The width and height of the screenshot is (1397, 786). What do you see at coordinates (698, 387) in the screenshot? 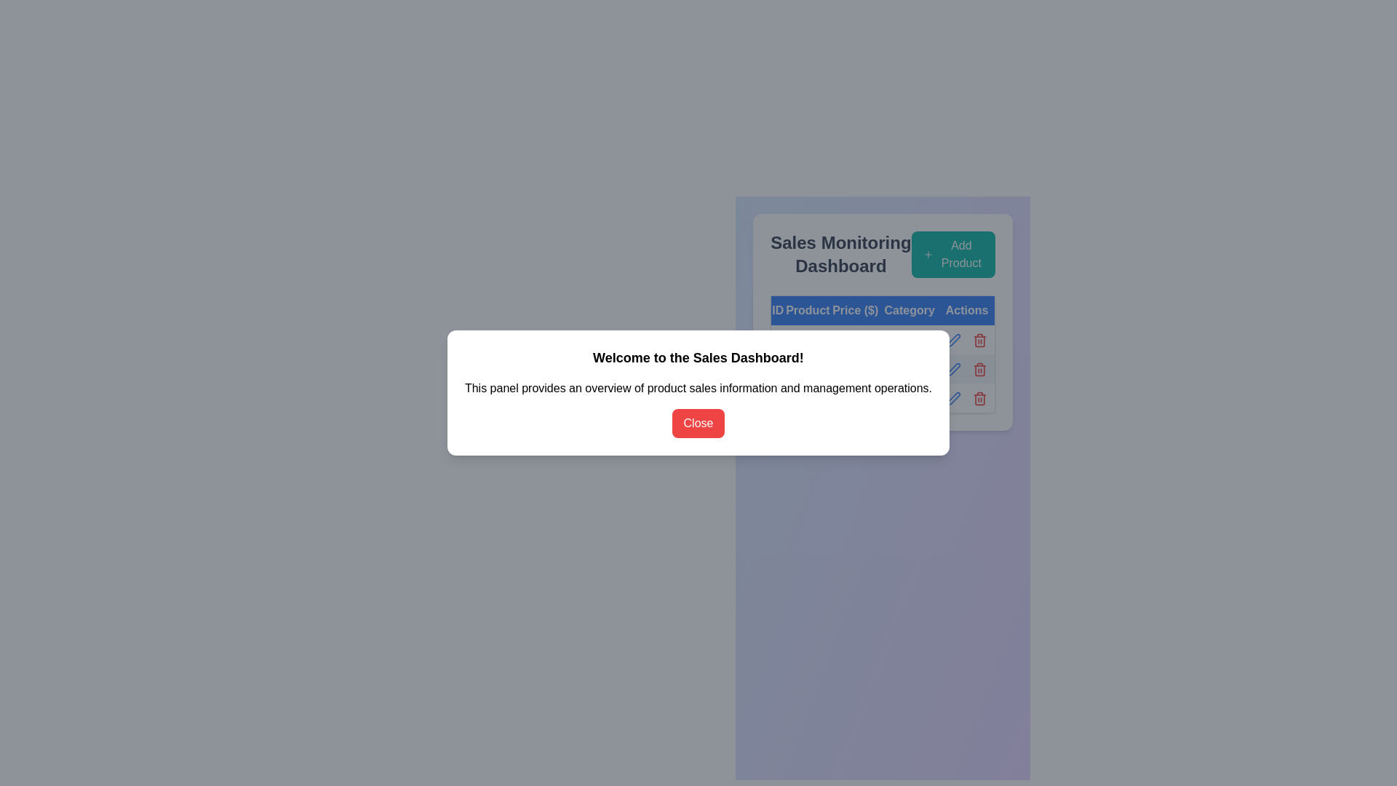
I see `the text label or informational text element that provides descriptive information about the Sales Dashboard, located below the heading 'Welcome to the Sales Dashboard!' and above the 'Close' button` at bounding box center [698, 387].